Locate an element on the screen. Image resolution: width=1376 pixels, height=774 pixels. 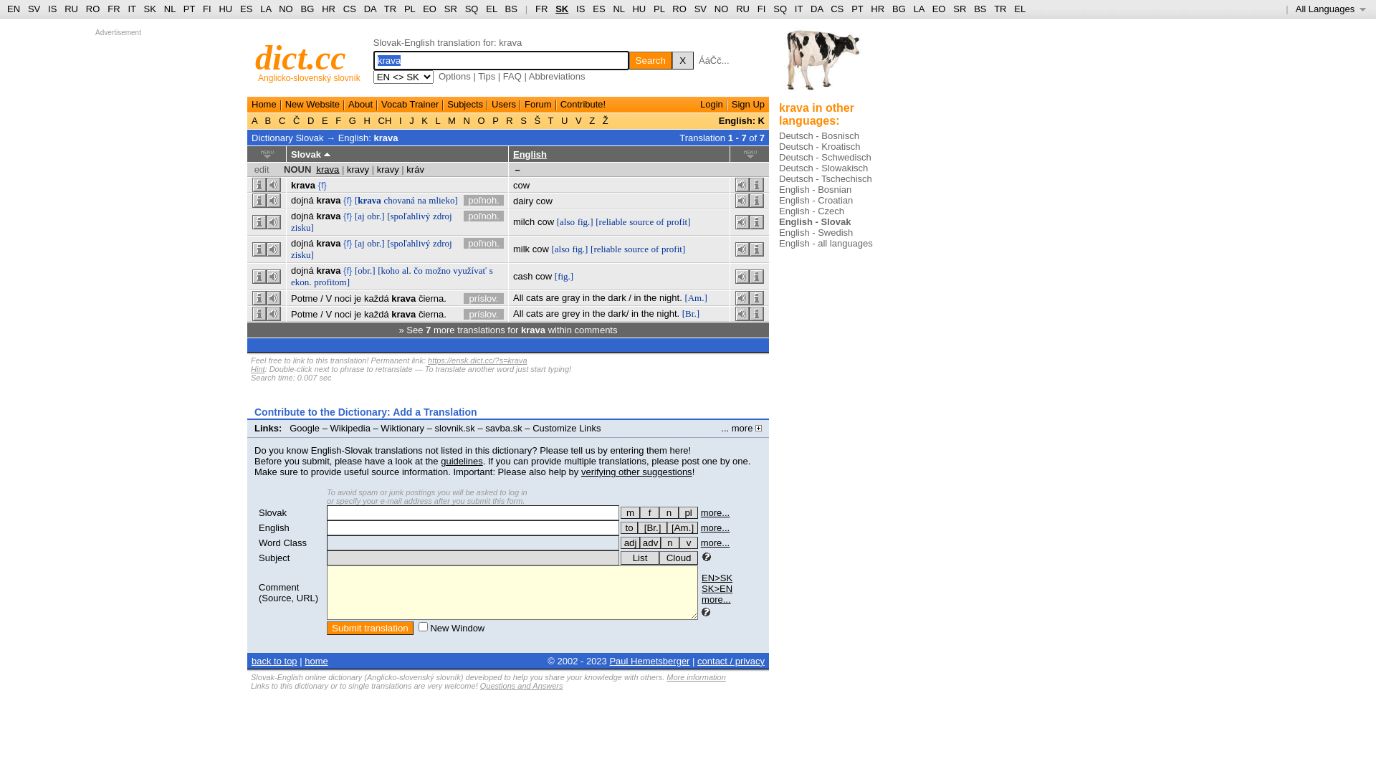
'Login' is located at coordinates (700, 103).